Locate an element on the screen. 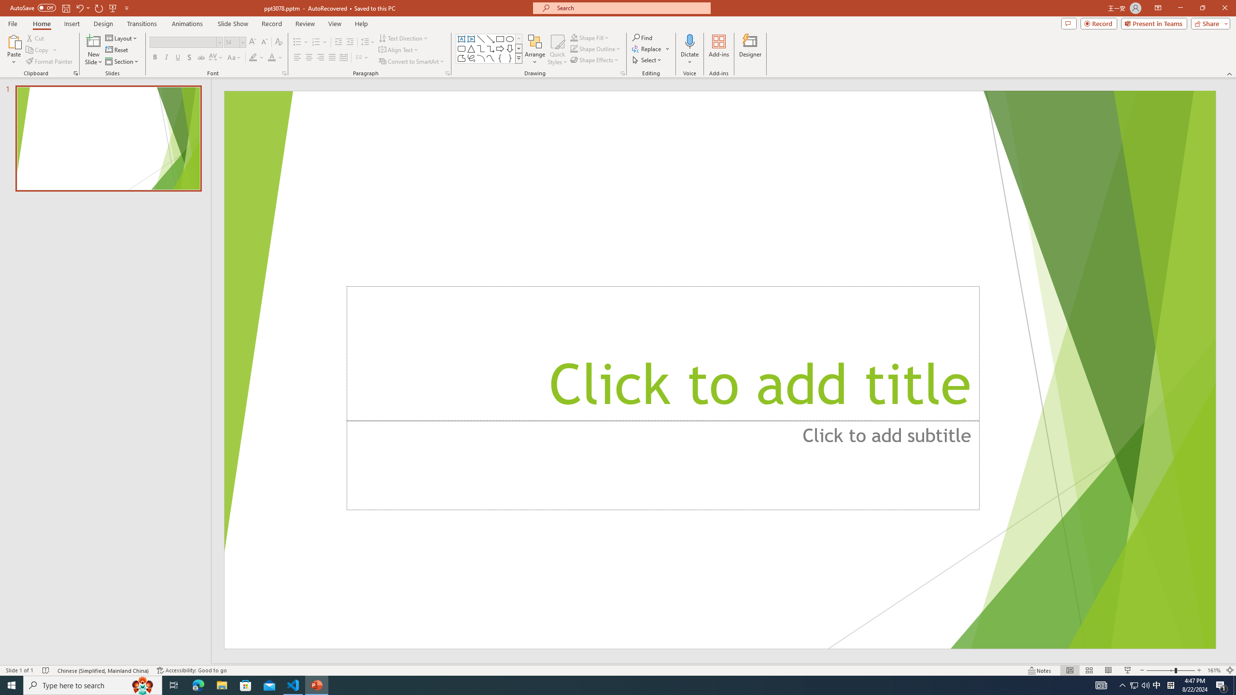 The width and height of the screenshot is (1236, 695). 'Shape Outline Green, Accent 1' is located at coordinates (574, 48).